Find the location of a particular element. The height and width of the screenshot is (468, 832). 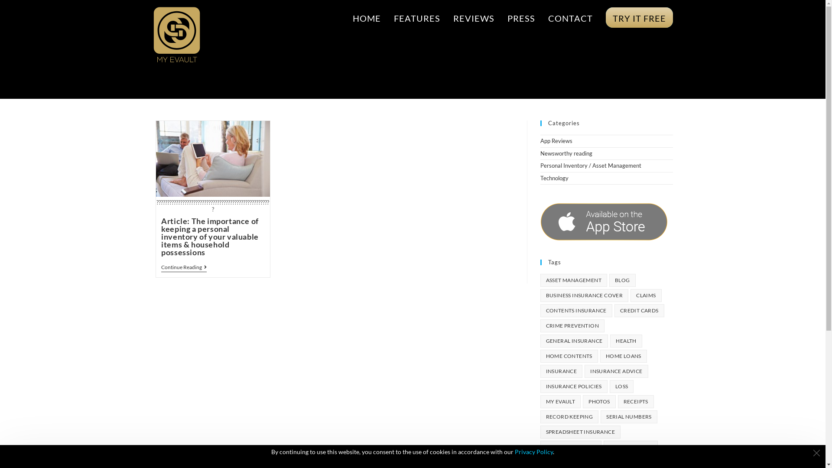

'BUSINESS INSURANCE COVER' is located at coordinates (584, 295).